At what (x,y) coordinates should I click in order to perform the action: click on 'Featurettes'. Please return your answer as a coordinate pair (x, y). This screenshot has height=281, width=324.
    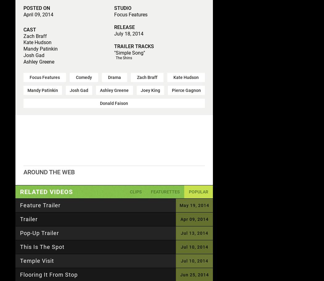
    Looking at the image, I should click on (165, 191).